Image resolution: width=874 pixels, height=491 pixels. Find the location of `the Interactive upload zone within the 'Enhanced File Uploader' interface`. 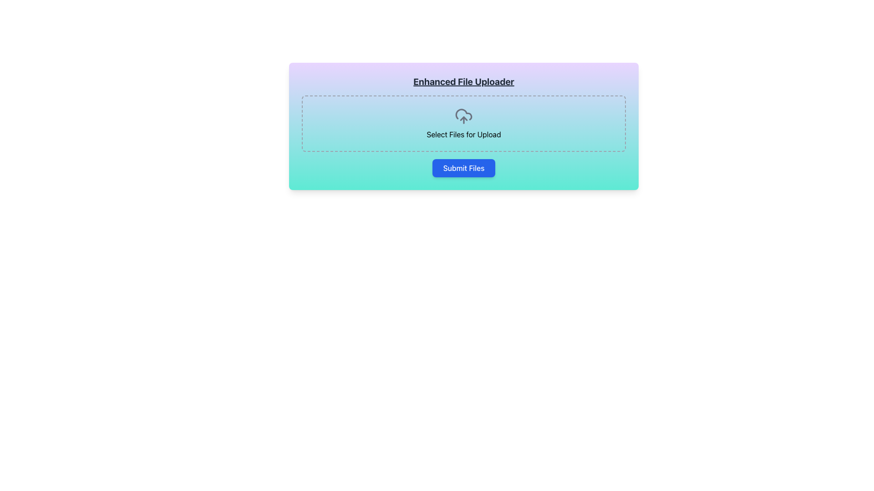

the Interactive upload zone within the 'Enhanced File Uploader' interface is located at coordinates (463, 124).